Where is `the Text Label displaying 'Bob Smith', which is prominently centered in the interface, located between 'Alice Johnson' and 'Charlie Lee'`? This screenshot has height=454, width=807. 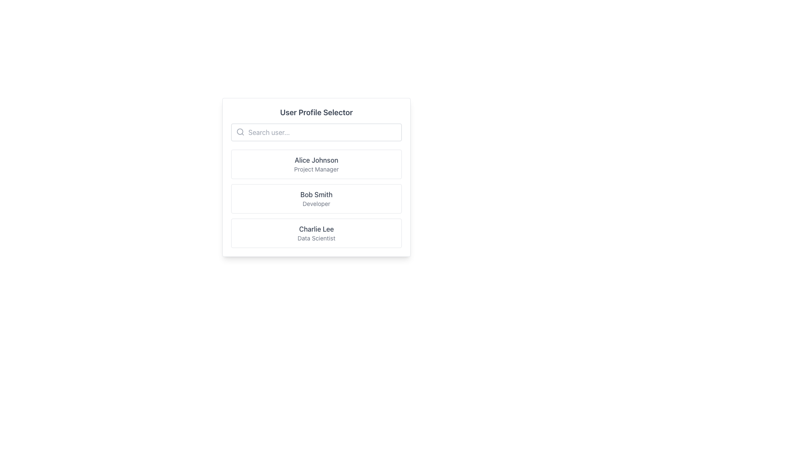
the Text Label displaying 'Bob Smith', which is prominently centered in the interface, located between 'Alice Johnson' and 'Charlie Lee' is located at coordinates (316, 194).